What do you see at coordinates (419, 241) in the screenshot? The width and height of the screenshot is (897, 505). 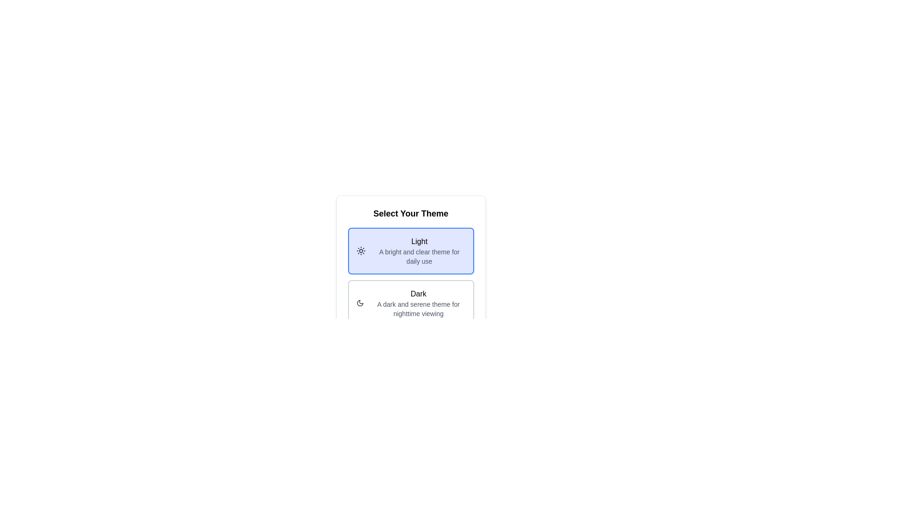 I see `the text label displaying the word 'Light' which is styled in a medium bold font and located at the top of its themed selection card` at bounding box center [419, 241].